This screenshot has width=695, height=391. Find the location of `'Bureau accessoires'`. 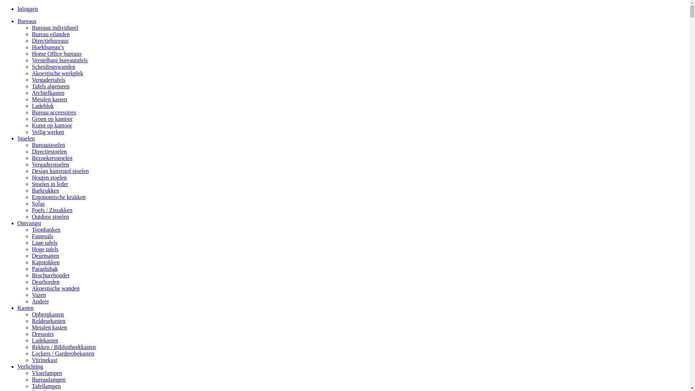

'Bureau accessoires' is located at coordinates (53, 112).